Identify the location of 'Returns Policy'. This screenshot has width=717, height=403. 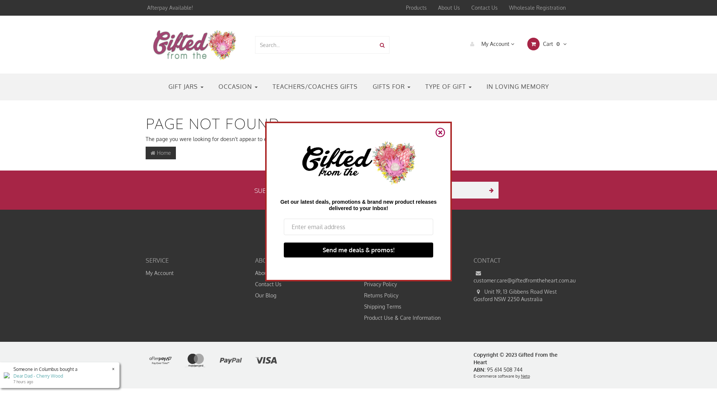
(358, 295).